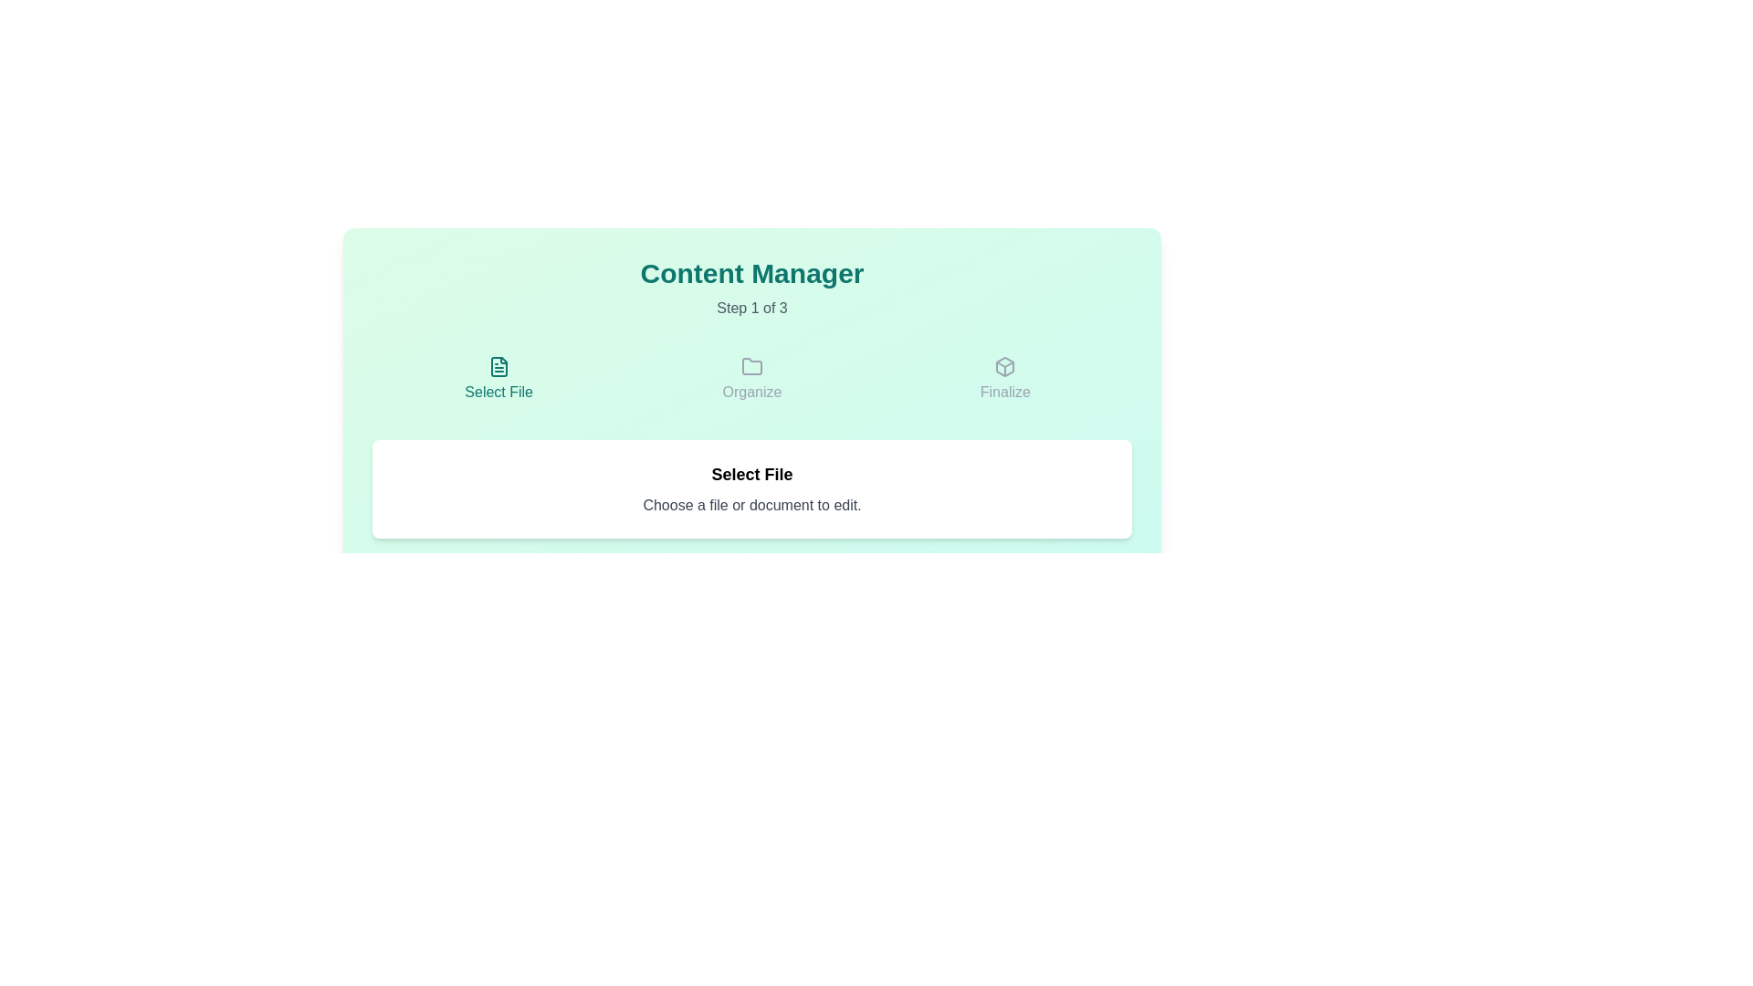 This screenshot has height=986, width=1753. What do you see at coordinates (1004, 364) in the screenshot?
I see `the decorative graphical component that serves as an illustrative part of the box, positioned centrally and slightly above the vertical center` at bounding box center [1004, 364].